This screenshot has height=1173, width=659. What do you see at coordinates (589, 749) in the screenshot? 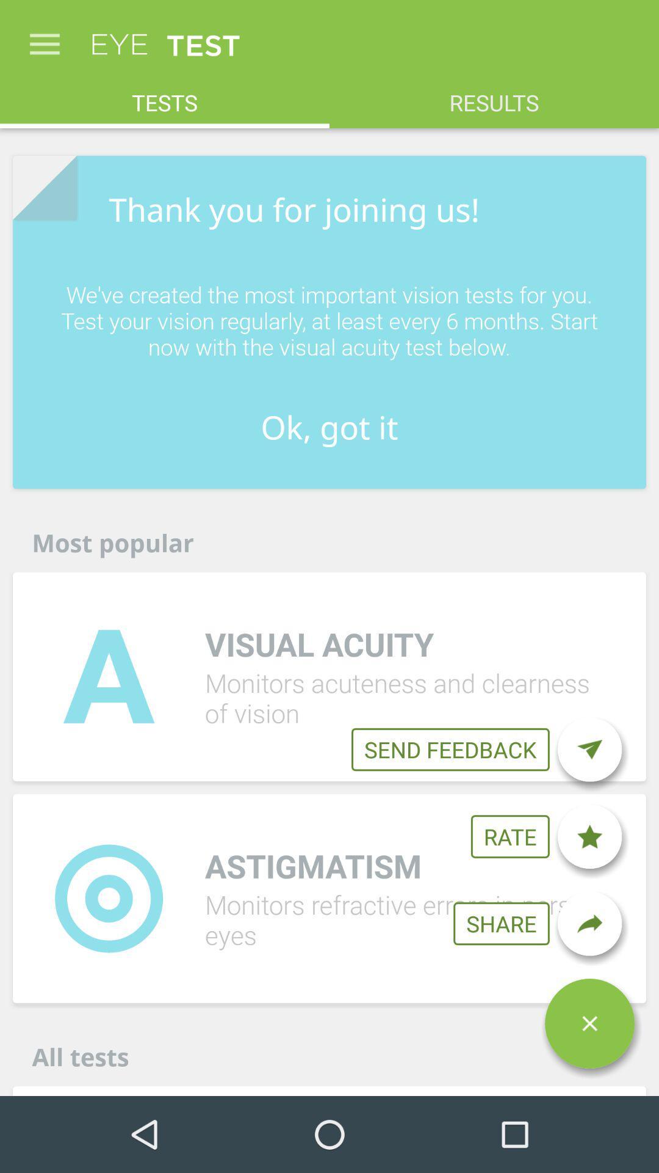
I see `the send icon` at bounding box center [589, 749].